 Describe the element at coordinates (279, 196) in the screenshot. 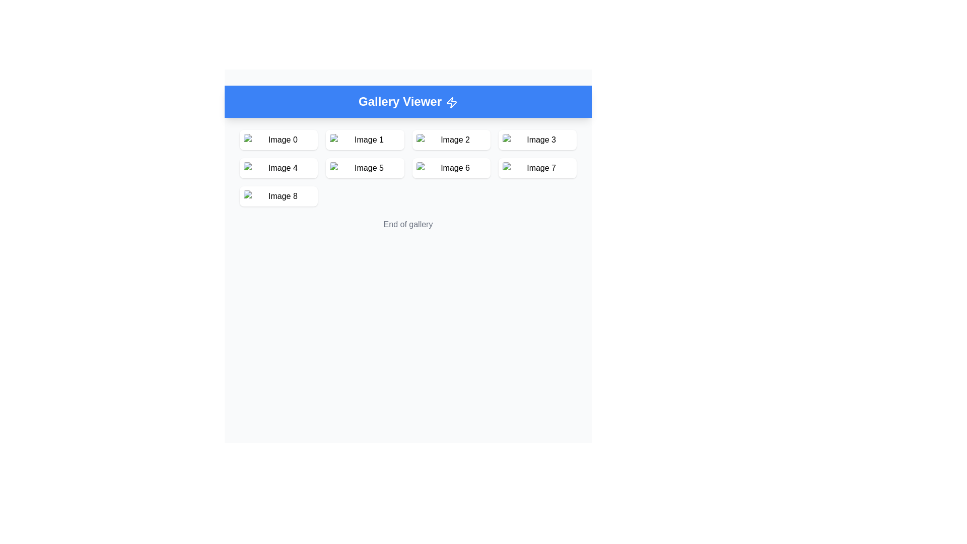

I see `to select the interactive card labeled 'Image 8', which is located in the third row, first column of the grid layout` at that location.